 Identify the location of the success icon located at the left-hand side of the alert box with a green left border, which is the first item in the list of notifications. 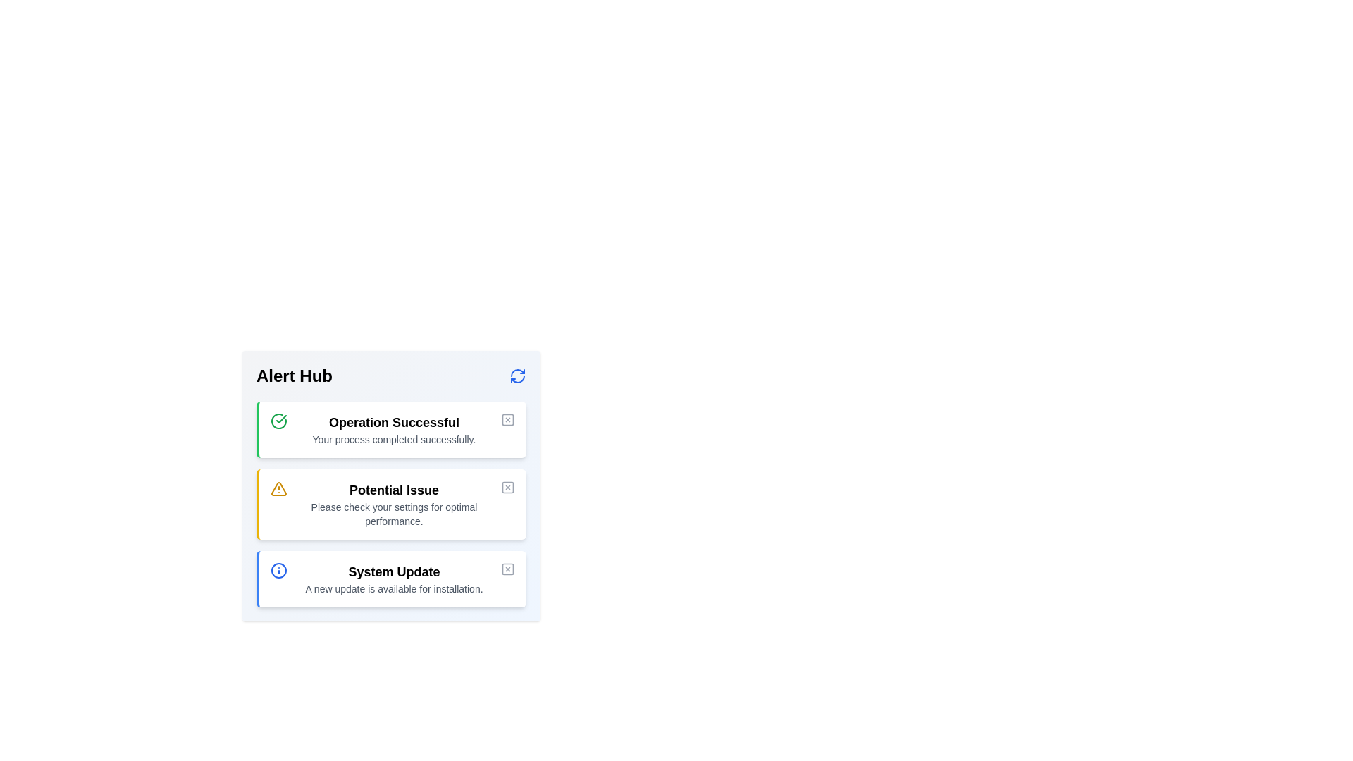
(278, 420).